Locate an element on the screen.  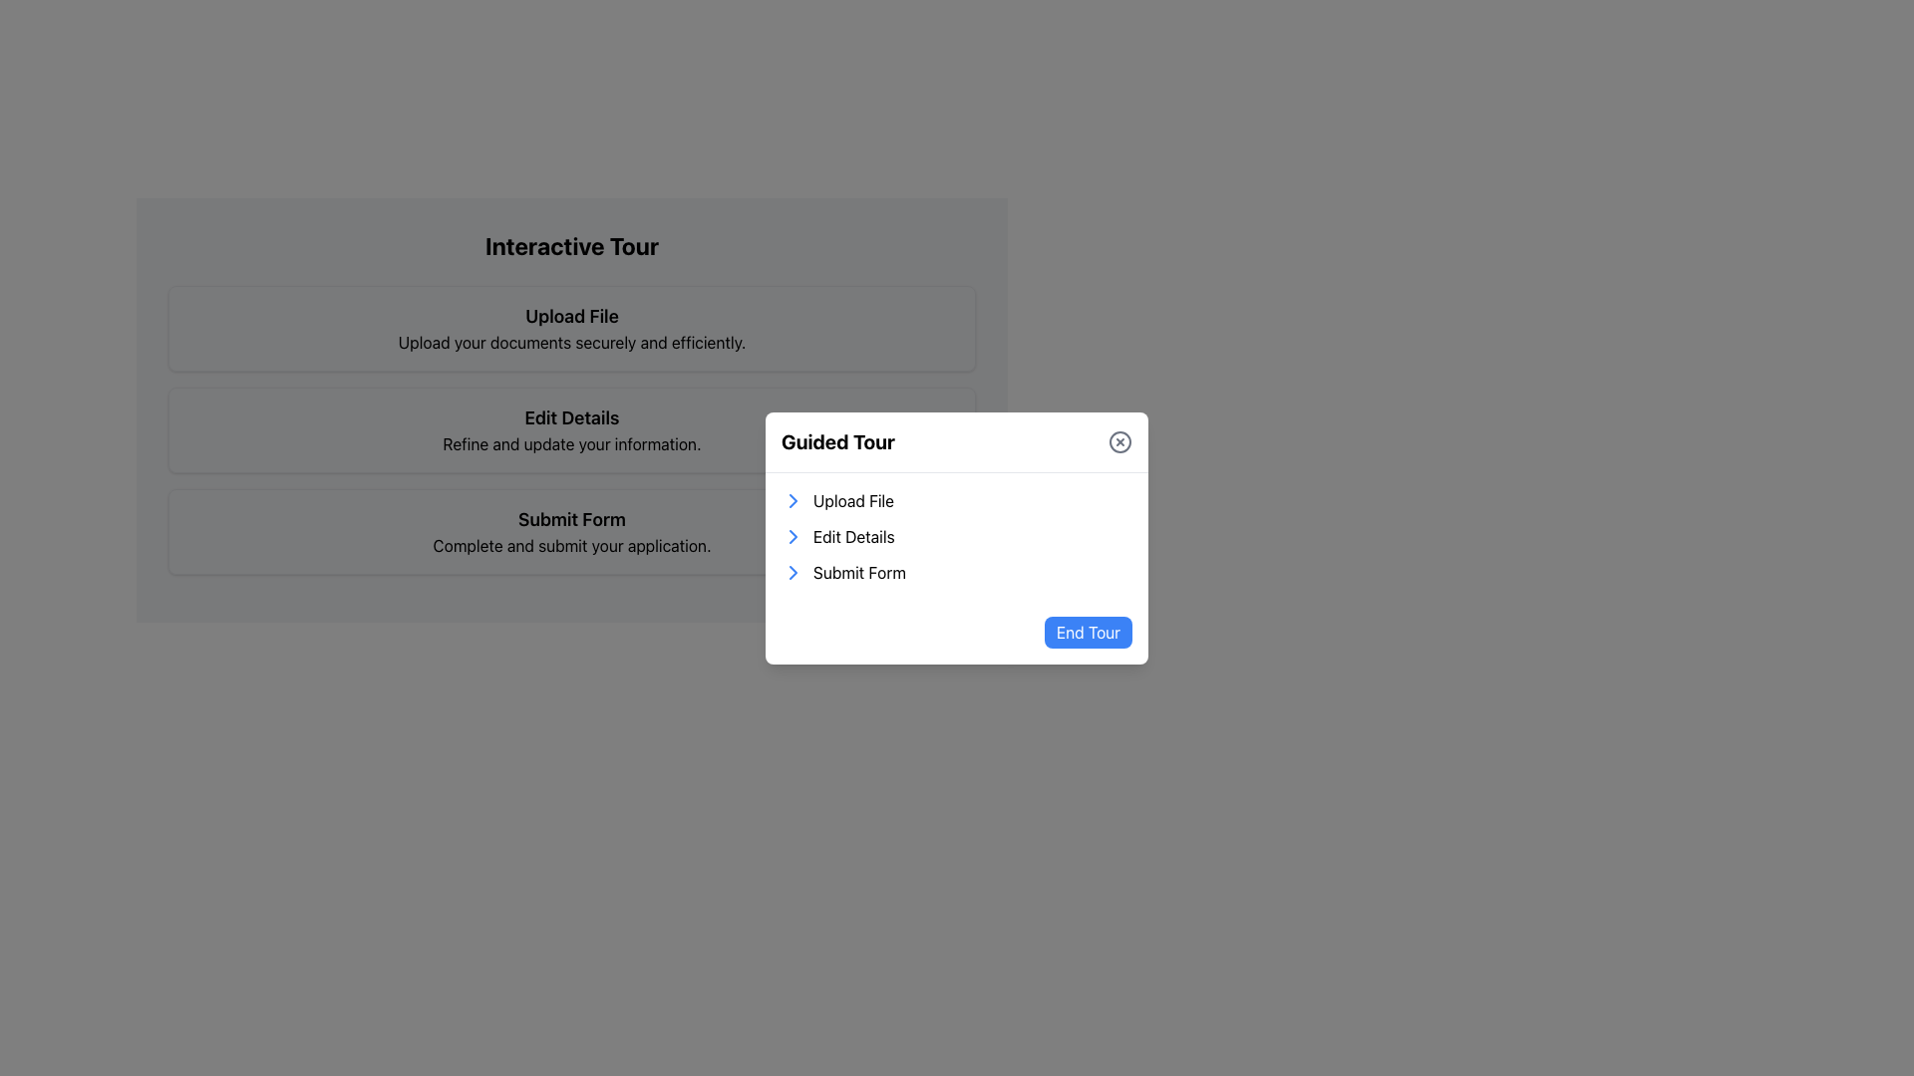
the informational section titled 'Submit Form' that contains the description 'Complete and submit your application.' is located at coordinates (571, 530).